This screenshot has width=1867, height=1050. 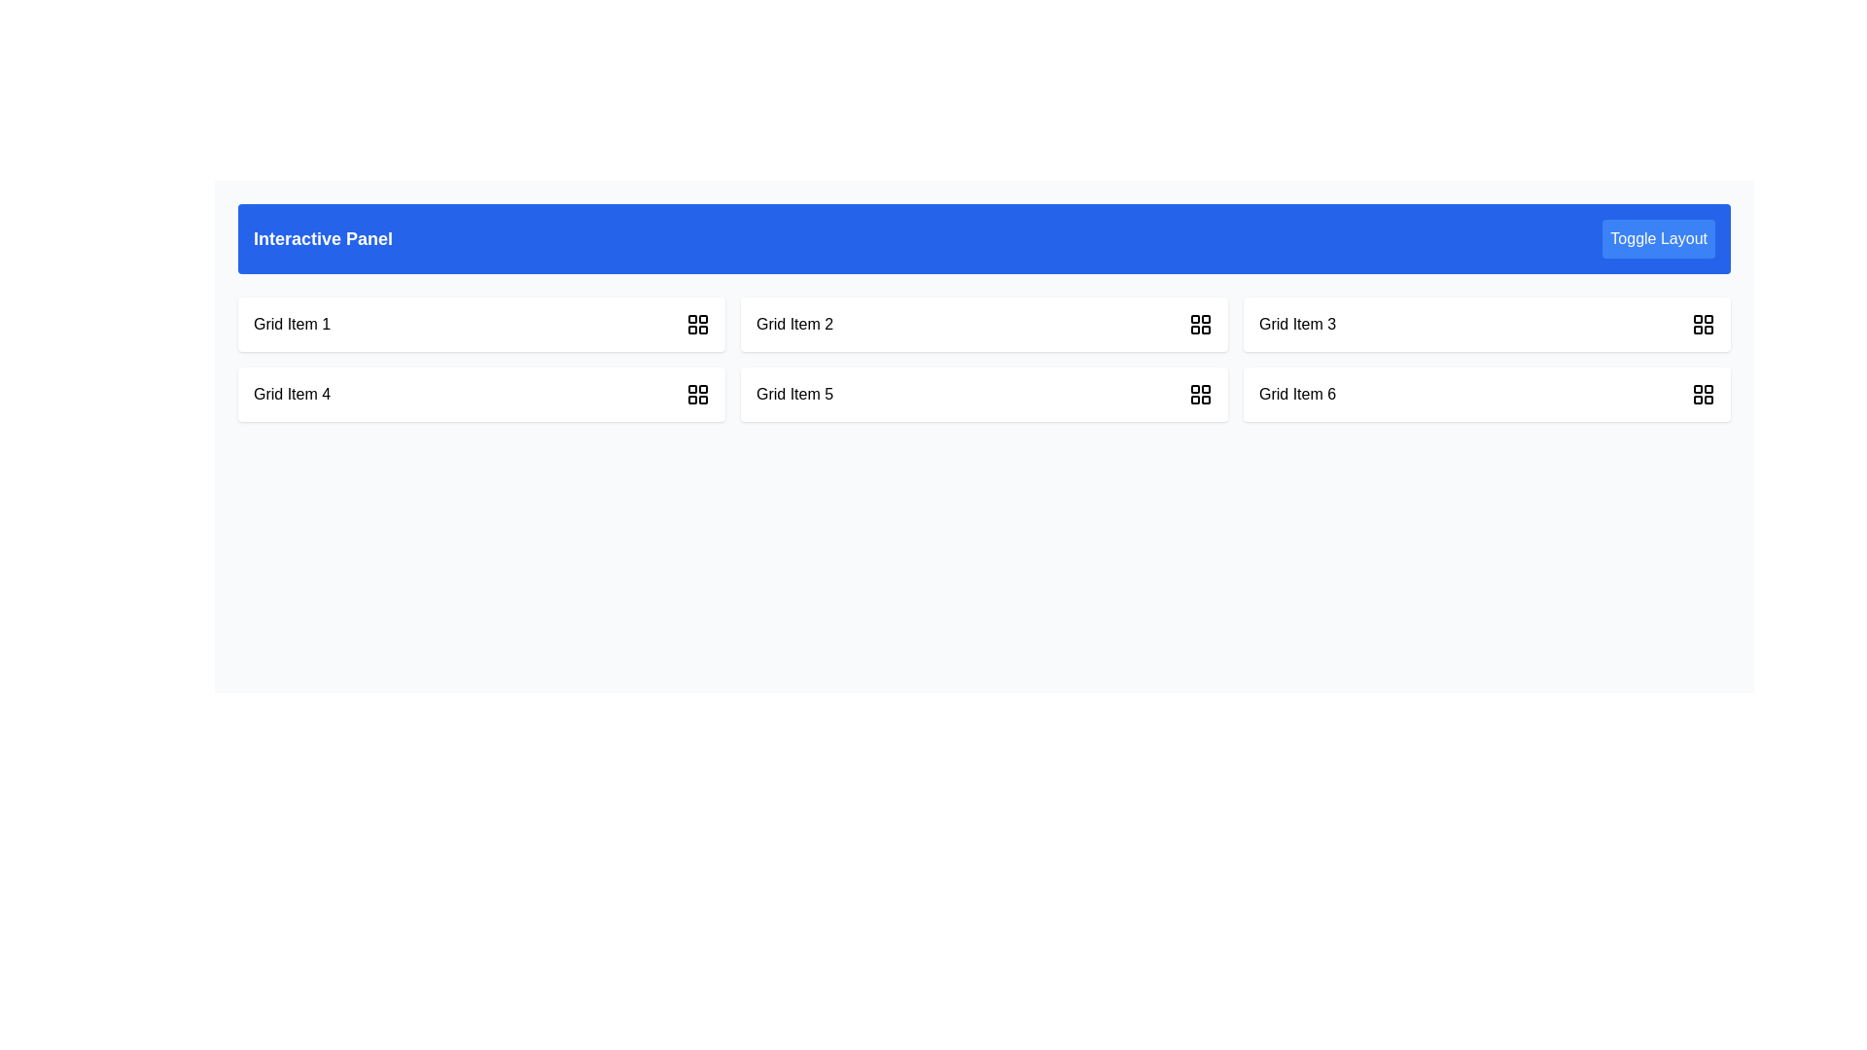 I want to click on the grid-patterned icon located within the 'Grid Item 2' content box on the right side, so click(x=1199, y=324).